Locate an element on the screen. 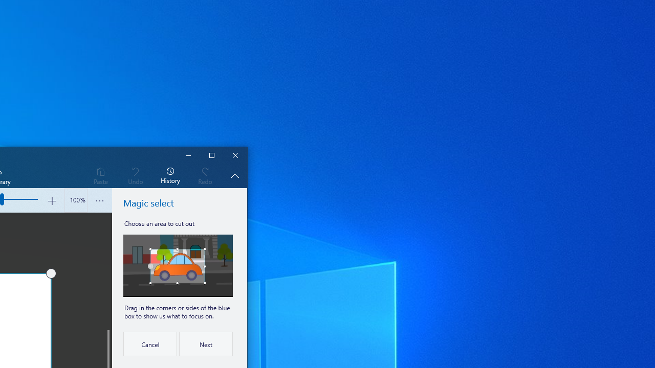 This screenshot has width=655, height=368. 'Next' is located at coordinates (205, 343).